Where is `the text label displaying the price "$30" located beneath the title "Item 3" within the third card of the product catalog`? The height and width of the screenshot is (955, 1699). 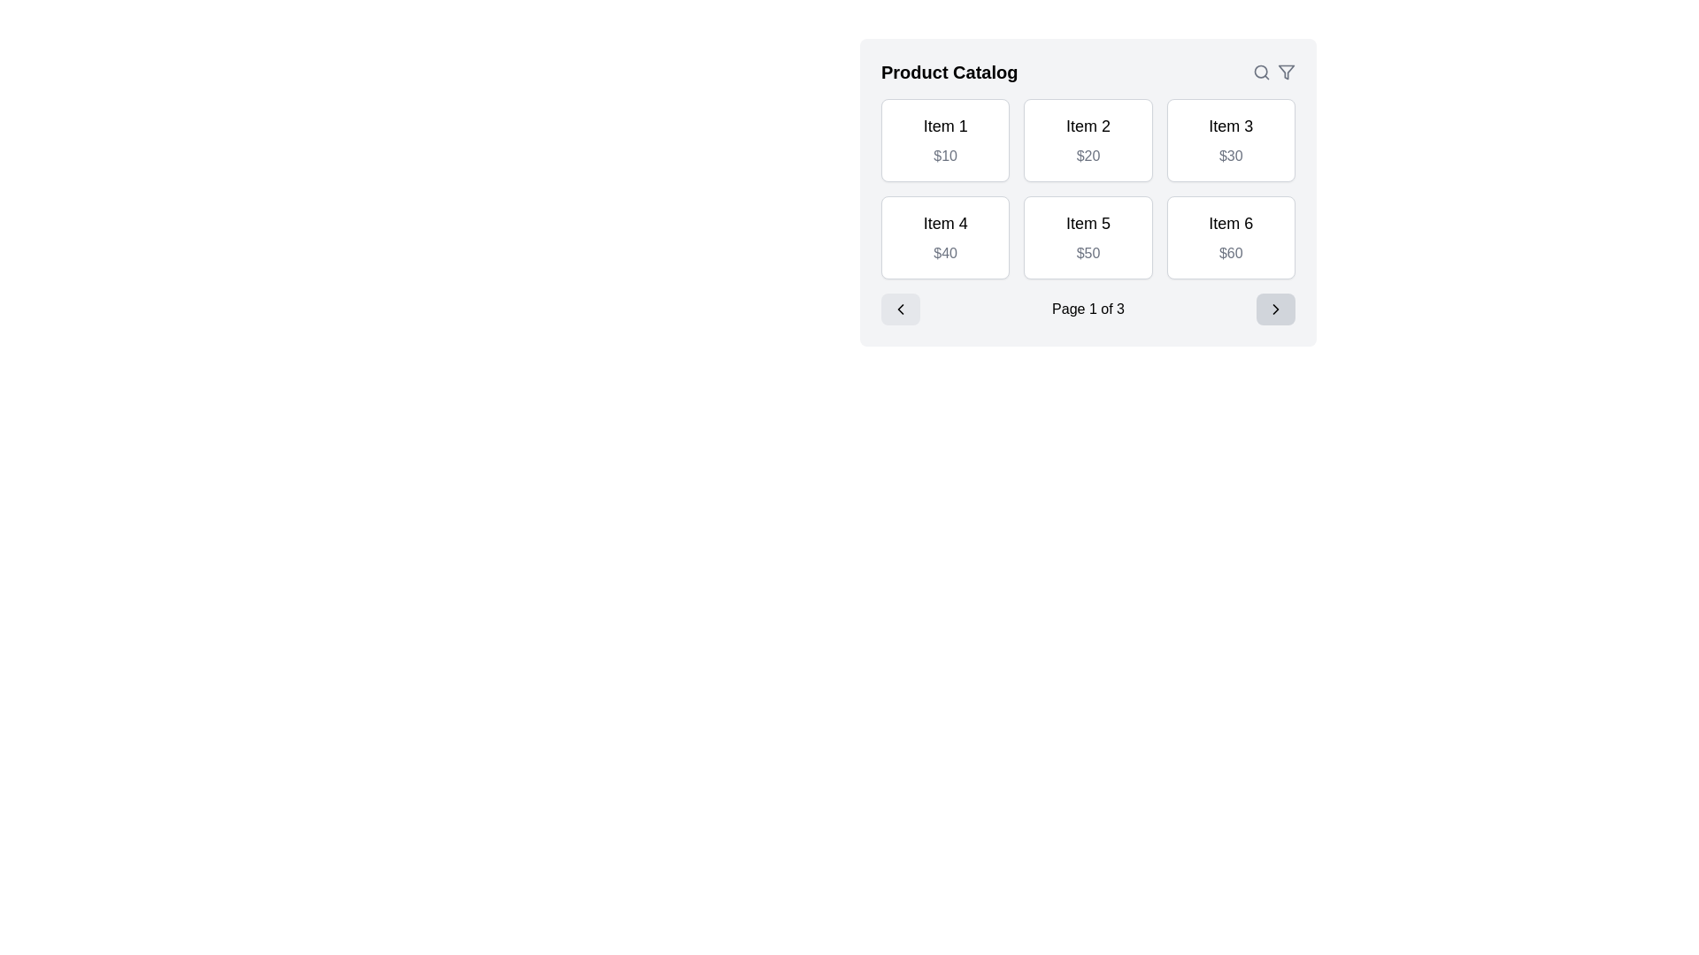
the text label displaying the price "$30" located beneath the title "Item 3" within the third card of the product catalog is located at coordinates (1230, 156).